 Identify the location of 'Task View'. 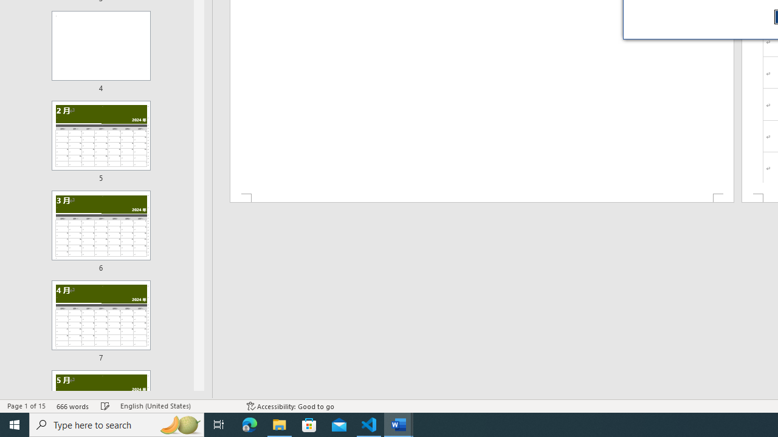
(218, 424).